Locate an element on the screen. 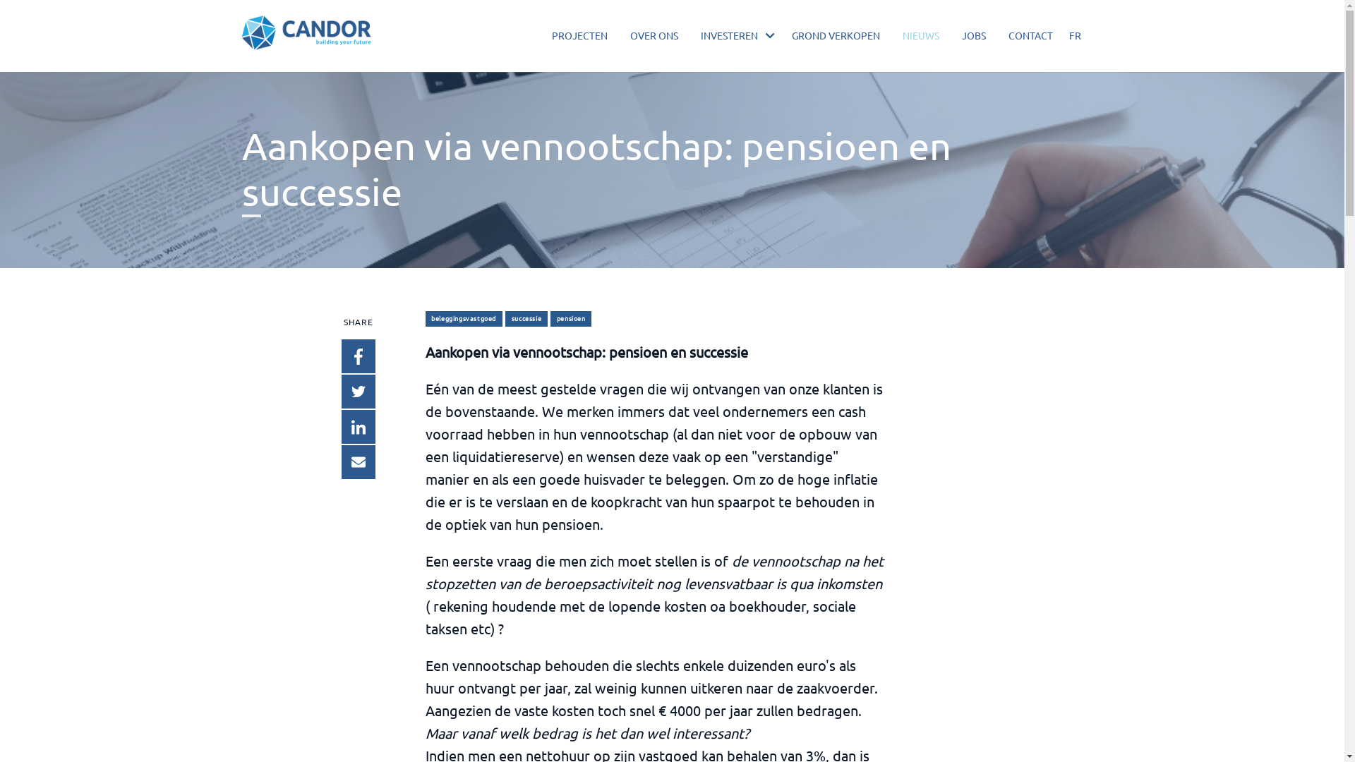 This screenshot has height=762, width=1355. 'JOBS' is located at coordinates (973, 35).